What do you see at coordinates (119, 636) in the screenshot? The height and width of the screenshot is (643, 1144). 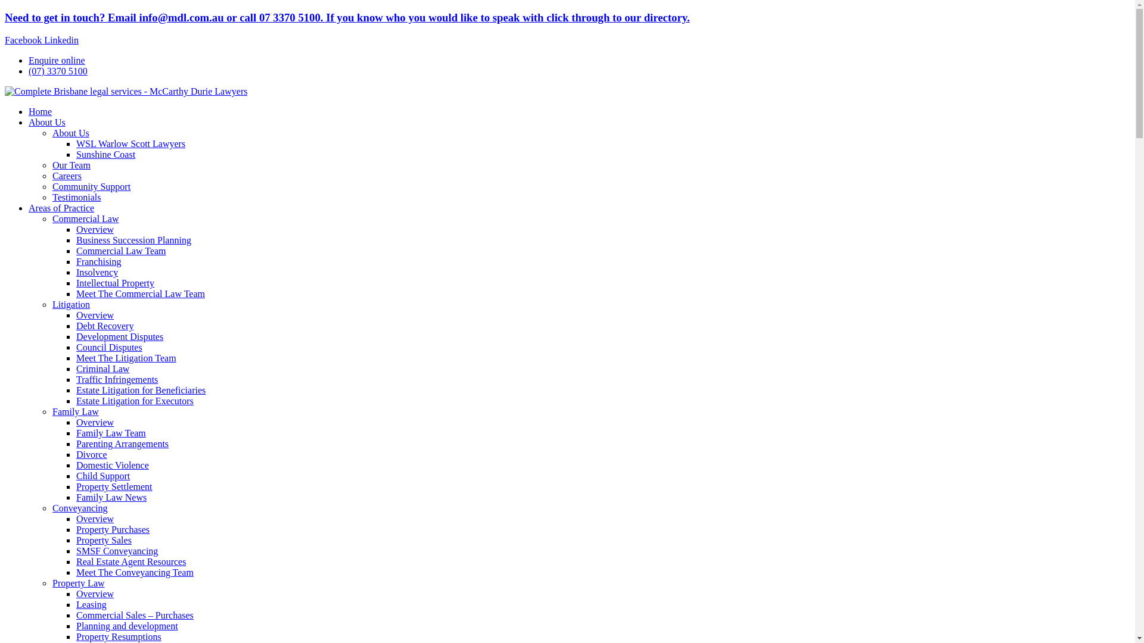 I see `'Property Resumptions'` at bounding box center [119, 636].